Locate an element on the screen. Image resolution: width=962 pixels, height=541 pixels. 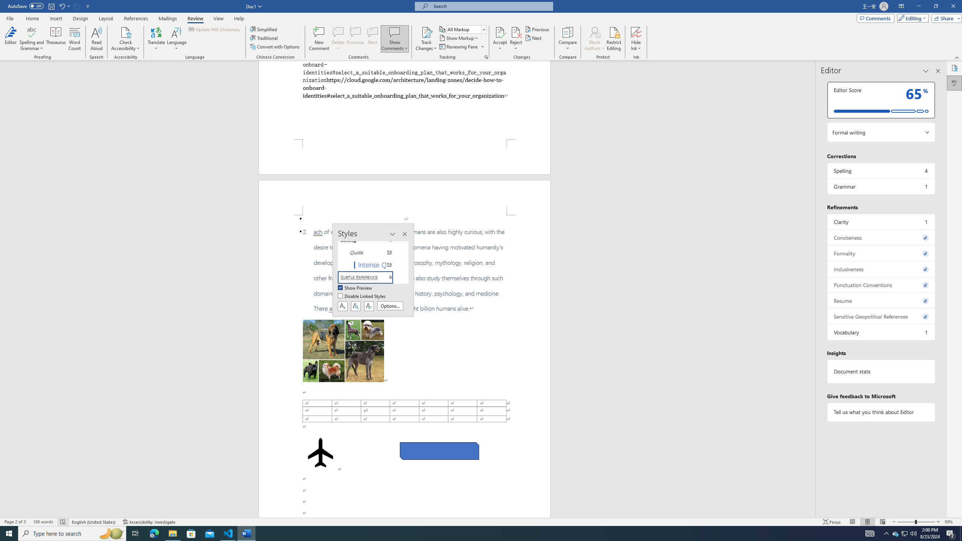
'Spelling and Grammar' is located at coordinates (32, 39).